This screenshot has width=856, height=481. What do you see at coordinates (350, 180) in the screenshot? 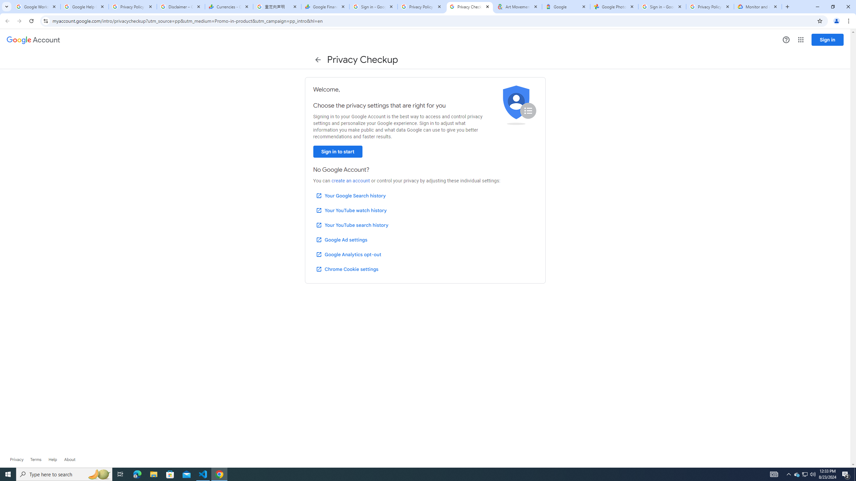
I see `'create an account'` at bounding box center [350, 180].